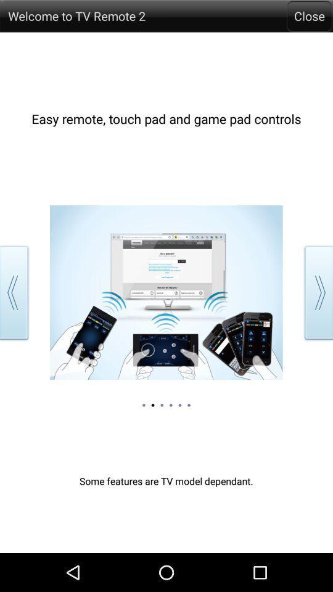  I want to click on the av_forward icon, so click(316, 313).